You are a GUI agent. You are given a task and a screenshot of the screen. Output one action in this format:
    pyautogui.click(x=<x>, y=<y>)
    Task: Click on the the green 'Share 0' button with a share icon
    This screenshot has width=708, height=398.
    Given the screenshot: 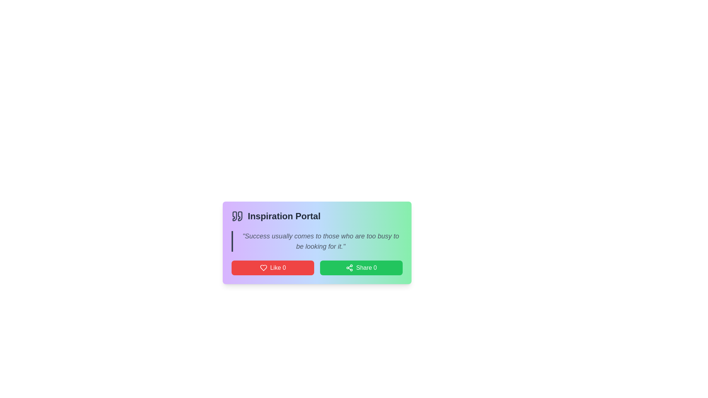 What is the action you would take?
    pyautogui.click(x=361, y=268)
    